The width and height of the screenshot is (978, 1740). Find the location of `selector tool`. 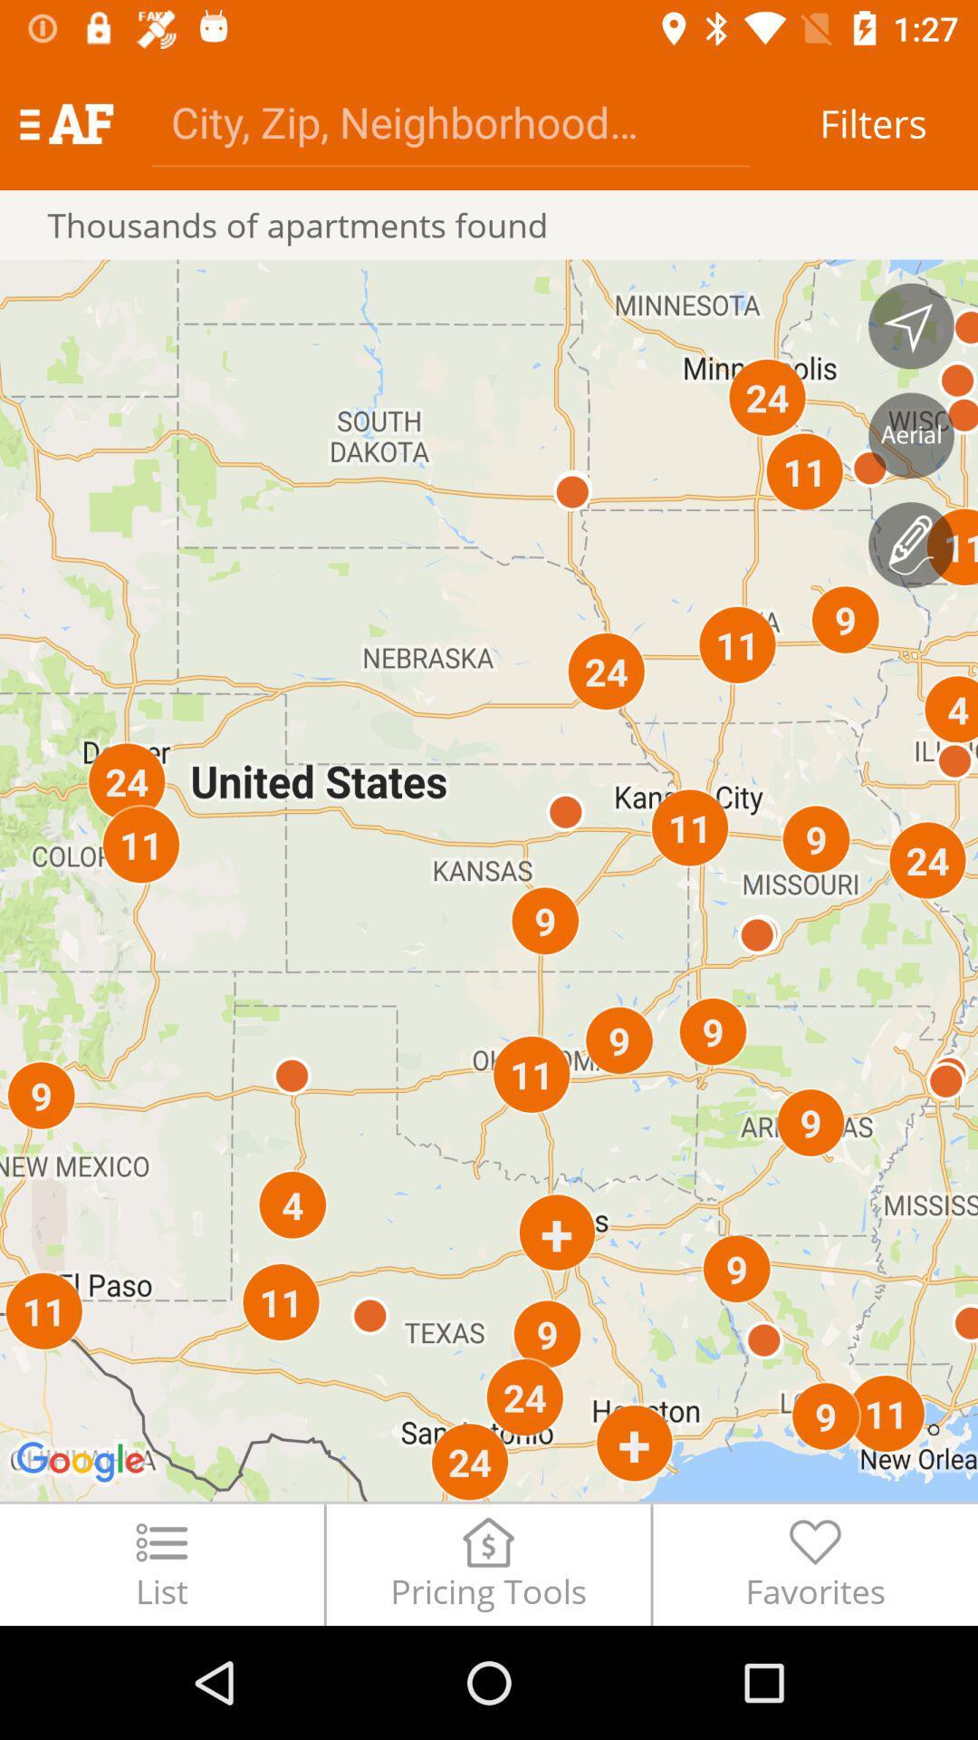

selector tool is located at coordinates (911, 326).